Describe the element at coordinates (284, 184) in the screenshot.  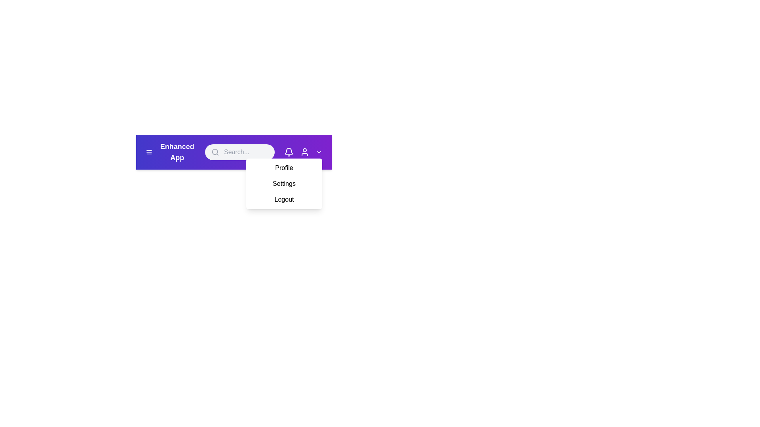
I see `the Settings from the dropdown menu` at that location.